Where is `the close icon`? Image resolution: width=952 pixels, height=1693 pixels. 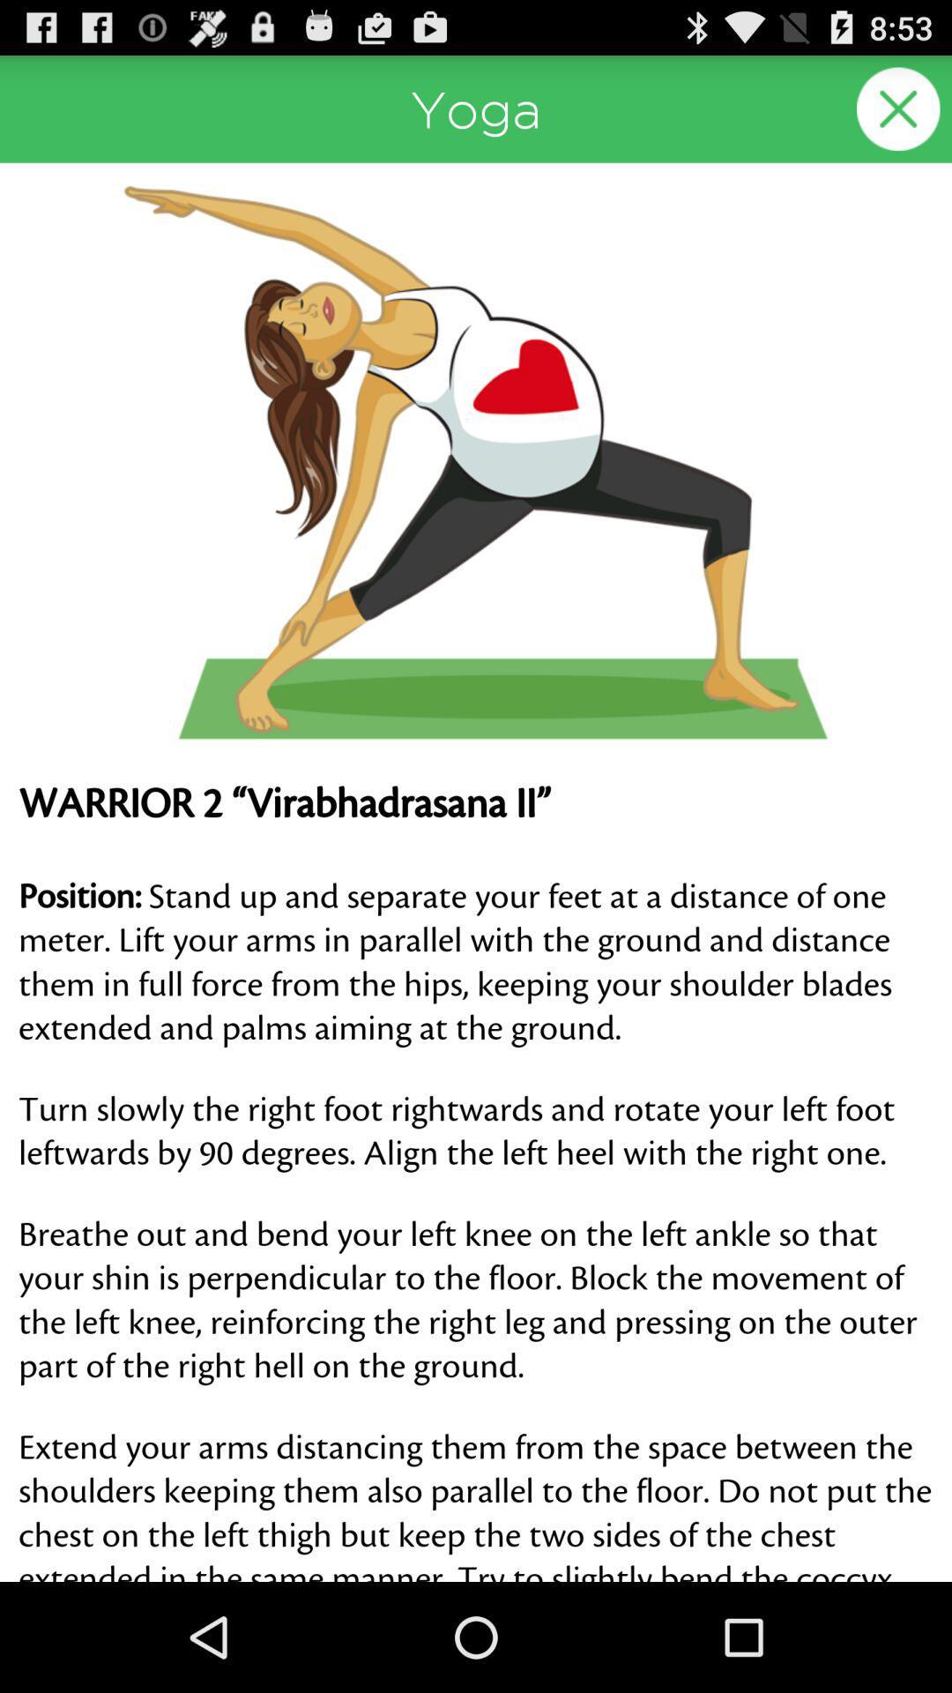
the close icon is located at coordinates (898, 116).